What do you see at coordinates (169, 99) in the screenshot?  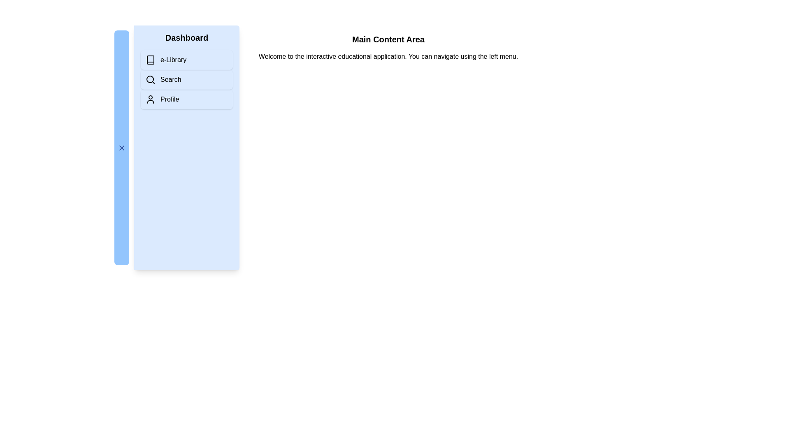 I see `the 'Profile' text label in the left sidebar navigation menu, which is the third item in the stack, to potentially reveal more options or information` at bounding box center [169, 99].